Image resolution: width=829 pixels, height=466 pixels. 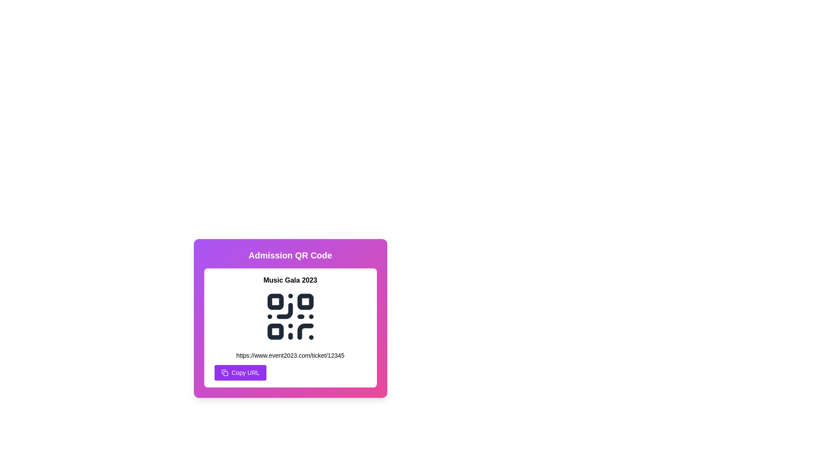 I want to click on the 'Copy URL' button, which is represented by a small rectangular icon with rounded corners located near the left side of the label text, so click(x=225, y=373).